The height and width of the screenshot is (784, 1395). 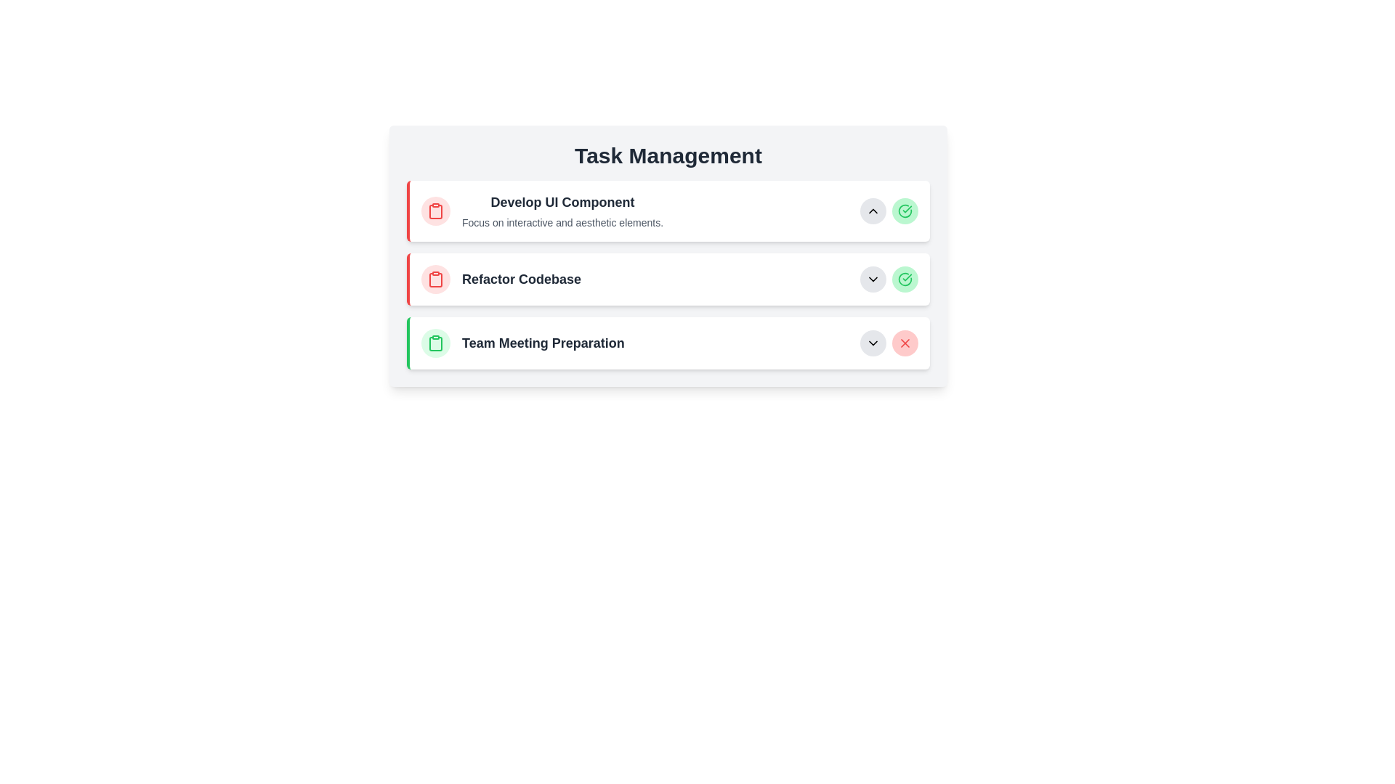 What do you see at coordinates (522, 279) in the screenshot?
I see `text label 'Refactor Codebase' in bold, dark gray font located on the second row of the task list under 'Task Management'` at bounding box center [522, 279].